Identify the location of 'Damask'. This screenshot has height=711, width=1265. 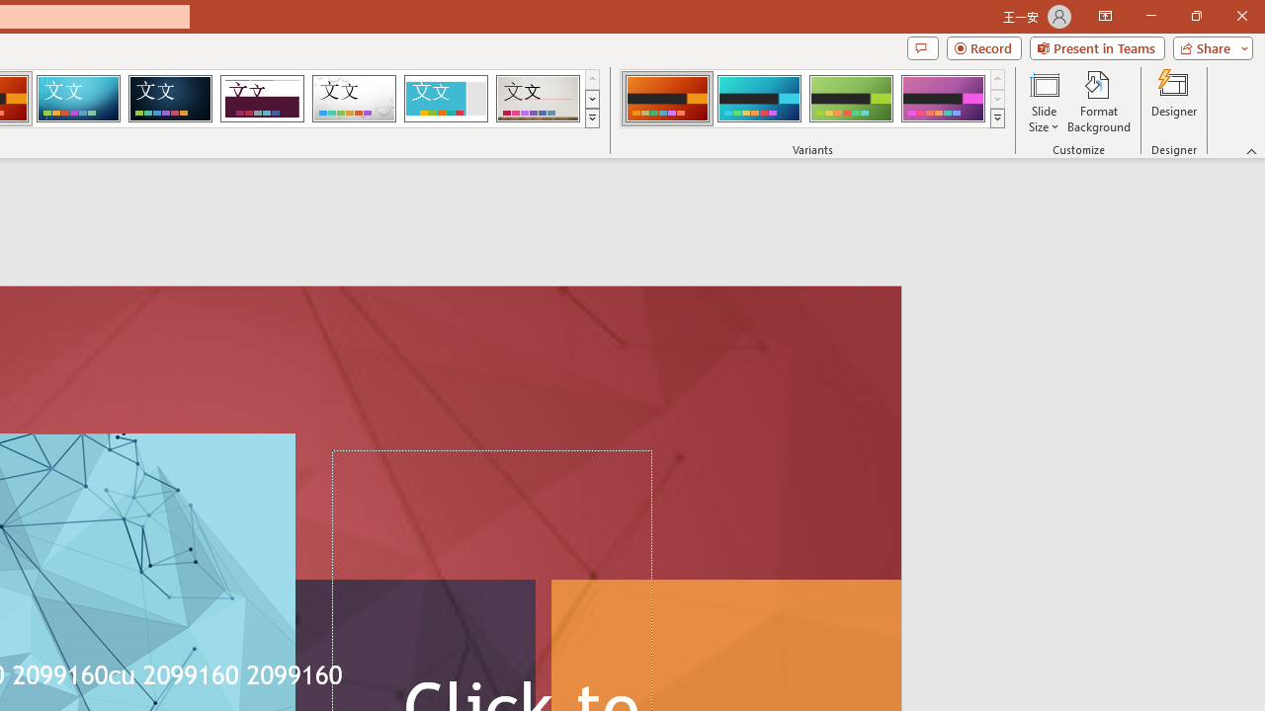
(170, 99).